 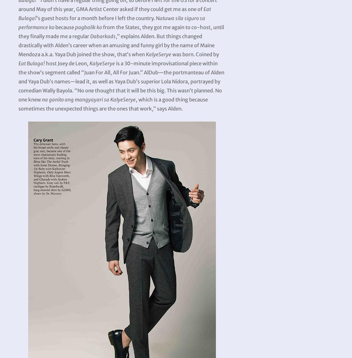 I want to click on 'na ganito ang mangyayari sa KalyeSerye', so click(x=89, y=99).